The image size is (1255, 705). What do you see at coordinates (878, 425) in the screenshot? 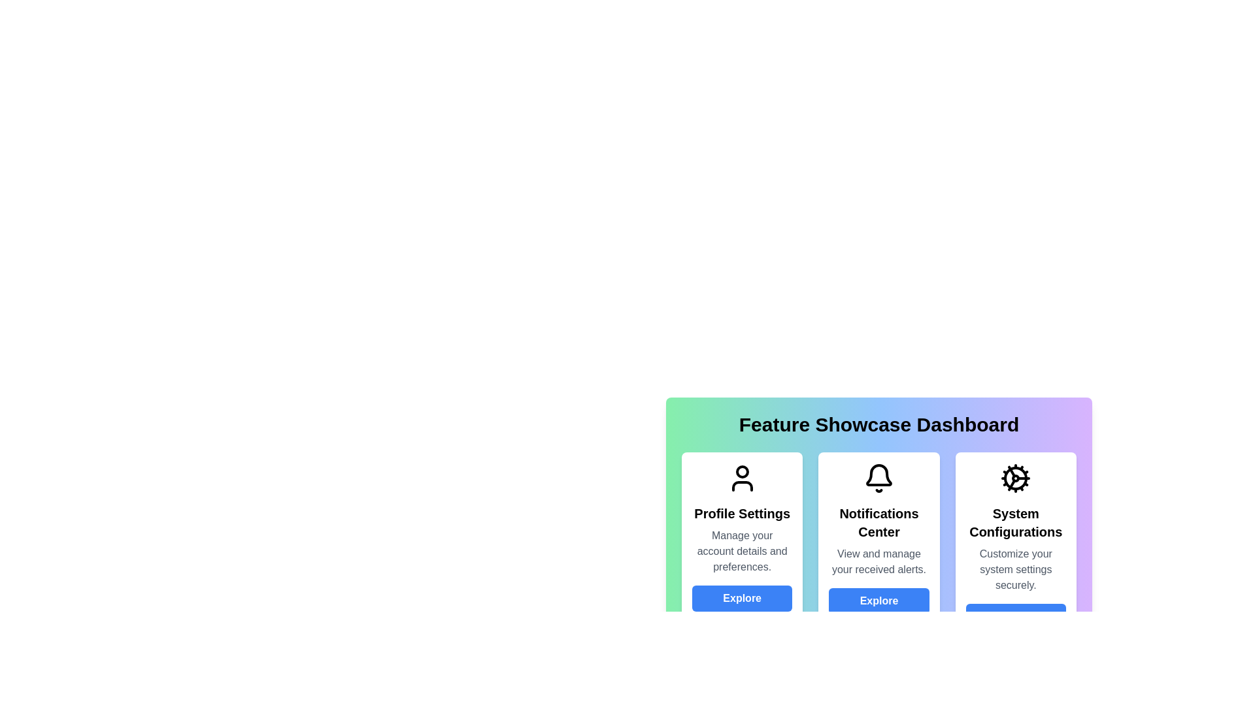
I see `text element displaying 'Feature Showcase Dashboard' which is styled in bold and large font, centered with a gradient background` at bounding box center [878, 425].